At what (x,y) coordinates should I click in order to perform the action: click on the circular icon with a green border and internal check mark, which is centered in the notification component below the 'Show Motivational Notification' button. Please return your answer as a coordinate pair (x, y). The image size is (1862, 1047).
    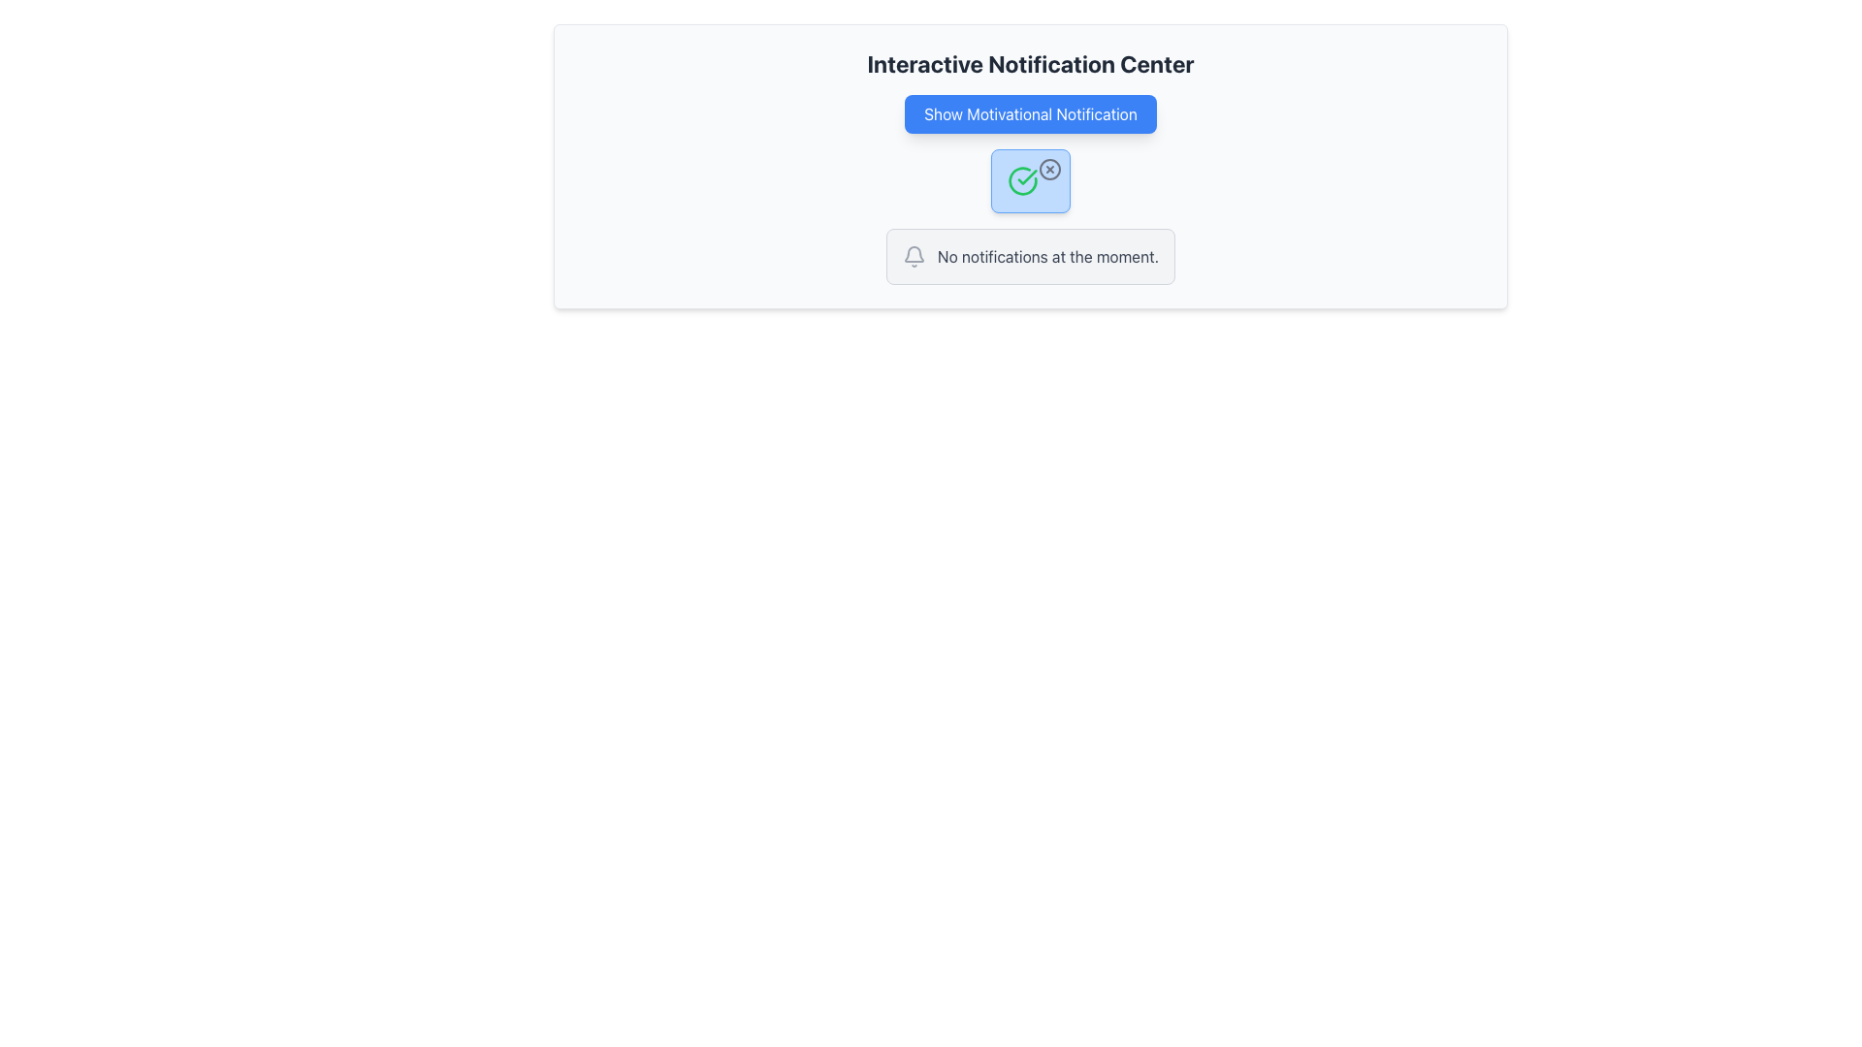
    Looking at the image, I should click on (1022, 180).